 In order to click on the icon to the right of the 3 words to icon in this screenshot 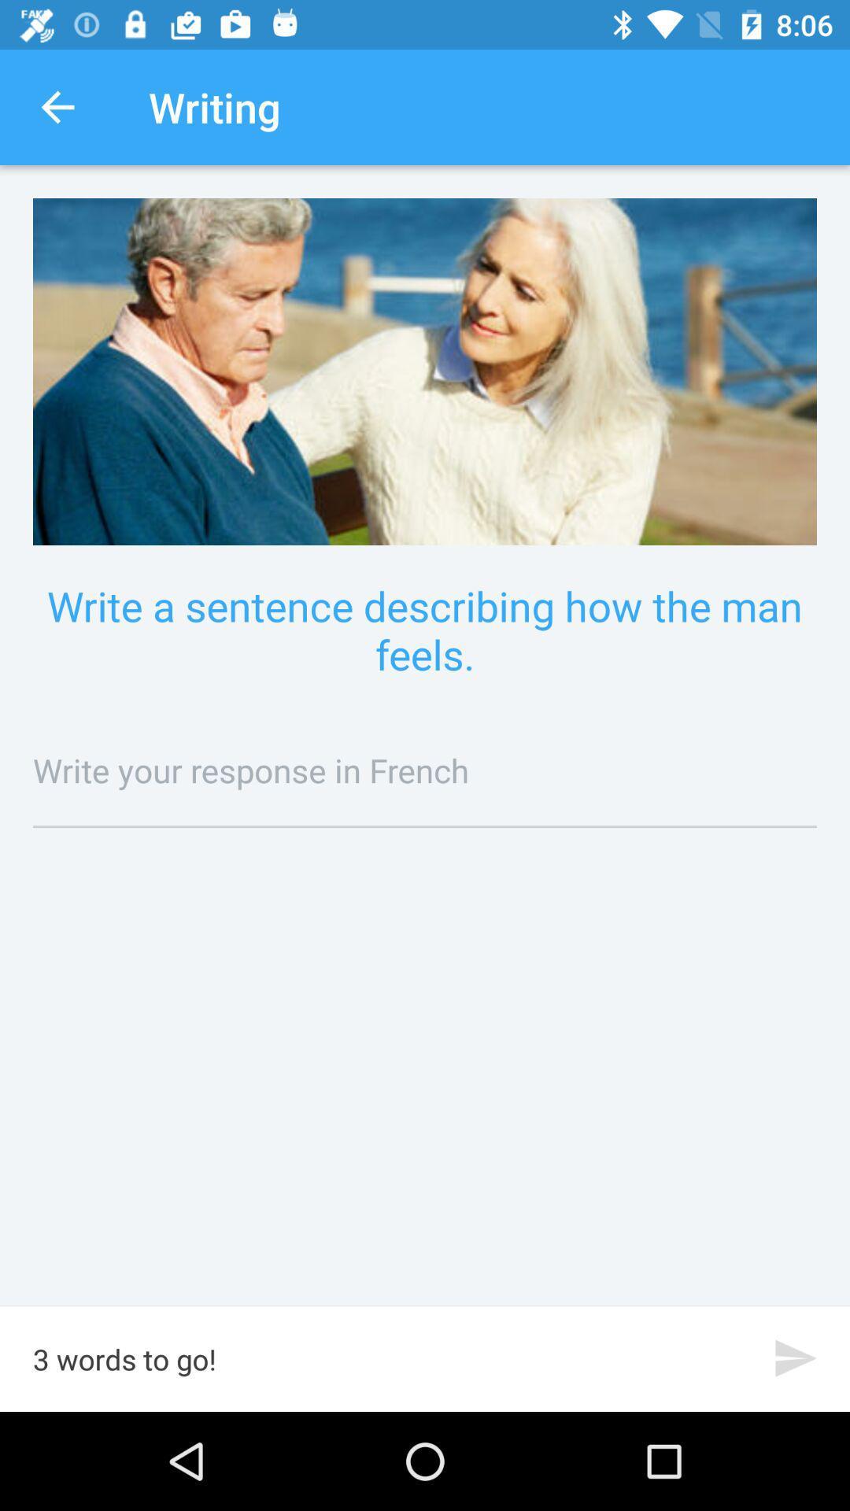, I will do `click(796, 1358)`.